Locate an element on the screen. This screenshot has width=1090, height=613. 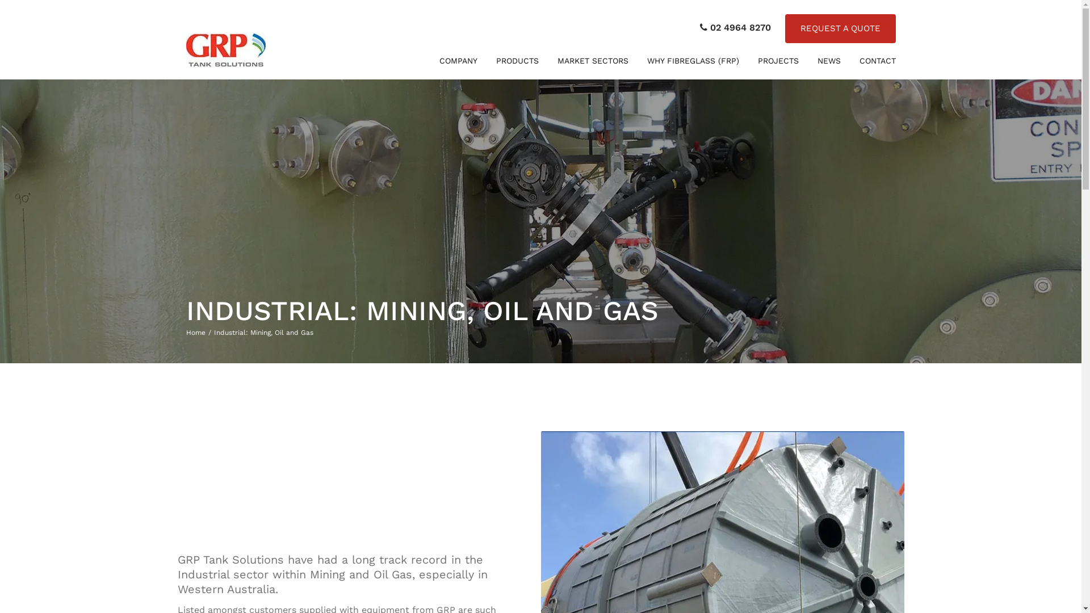
'REQUEST A QUOTE' is located at coordinates (840, 28).